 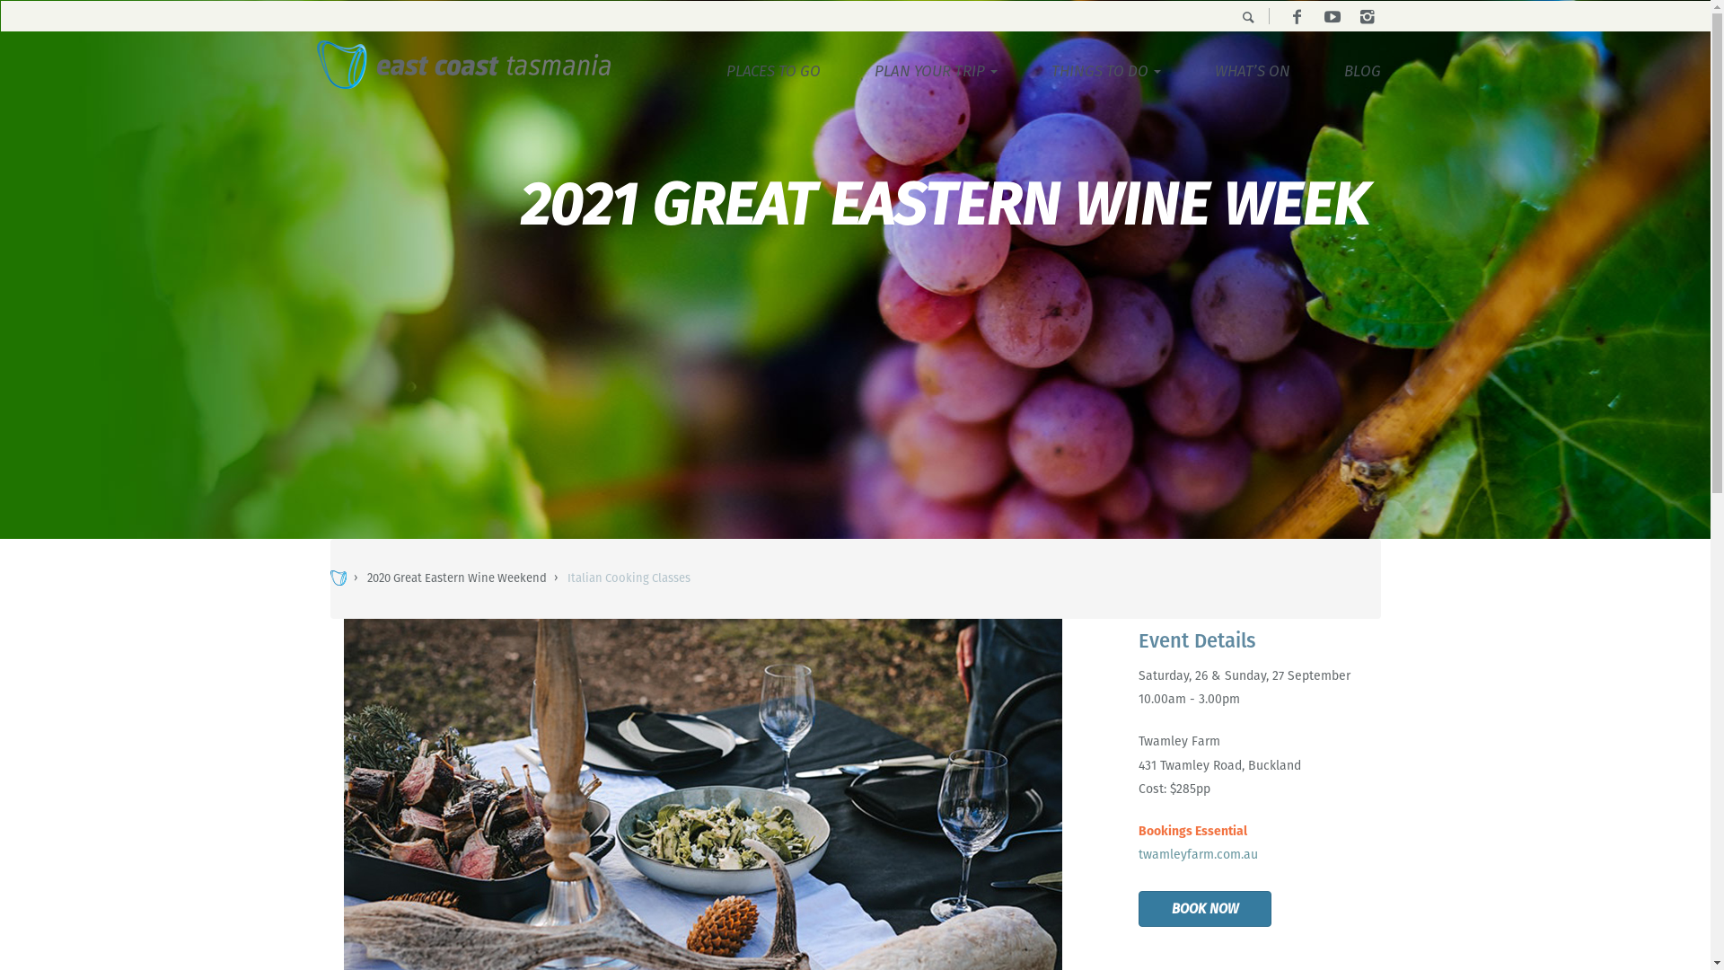 What do you see at coordinates (847, 69) in the screenshot?
I see `'PLAN YOUR TRIP'` at bounding box center [847, 69].